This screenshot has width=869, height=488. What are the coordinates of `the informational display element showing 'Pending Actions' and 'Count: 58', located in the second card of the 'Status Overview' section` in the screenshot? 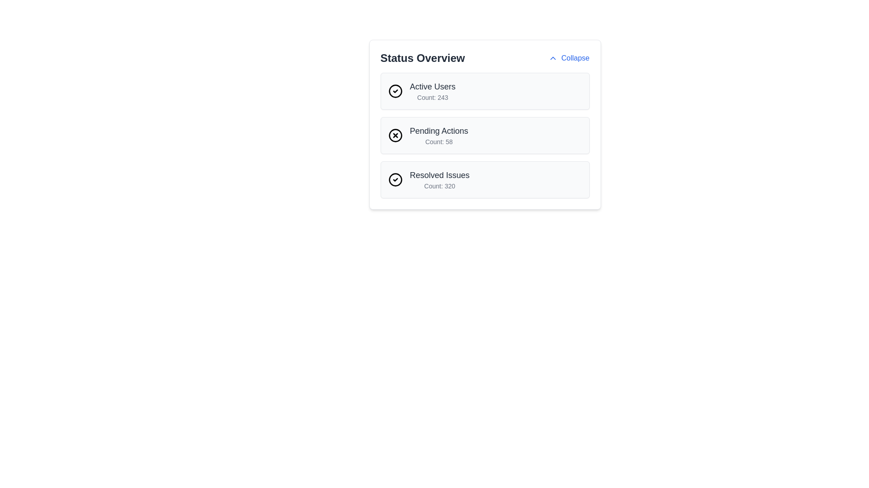 It's located at (439, 136).